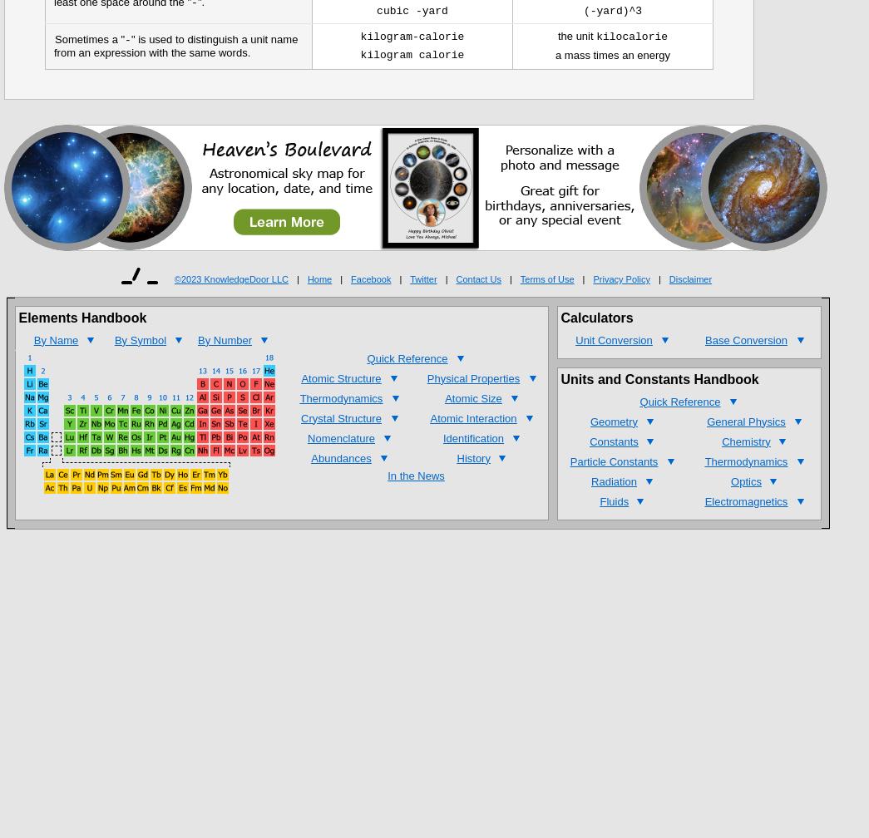 The height and width of the screenshot is (838, 869). I want to click on 'kilocalorie', so click(595, 37).